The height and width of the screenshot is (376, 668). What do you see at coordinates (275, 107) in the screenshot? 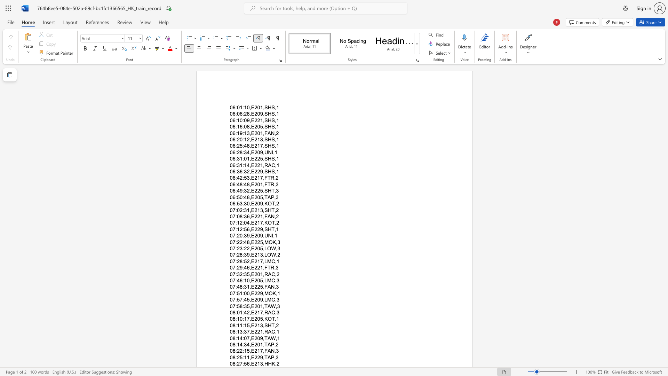
I see `the subset text ",1" within the text "06:01:10,E201,SHS,1"` at bounding box center [275, 107].